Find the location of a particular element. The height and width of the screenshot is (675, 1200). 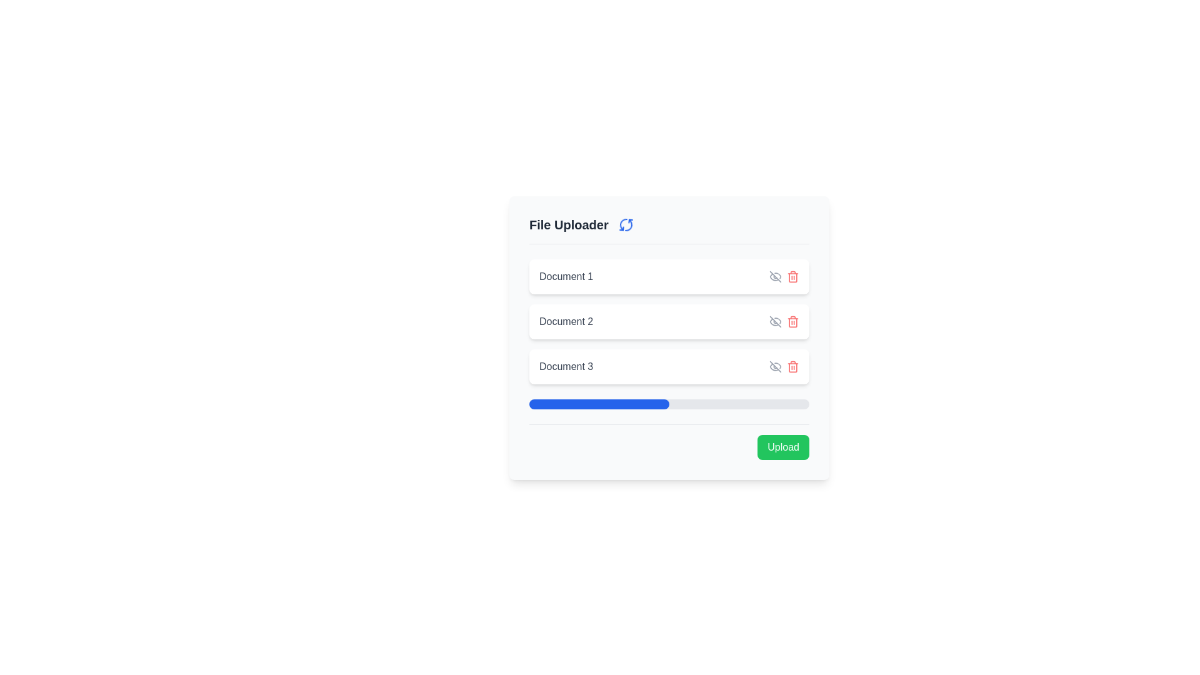

the eye-off icon button that represents the 'hide' functionality, located next to 'Document 1' and adjacent to the trash icon, to observe its hover state is located at coordinates (775, 321).